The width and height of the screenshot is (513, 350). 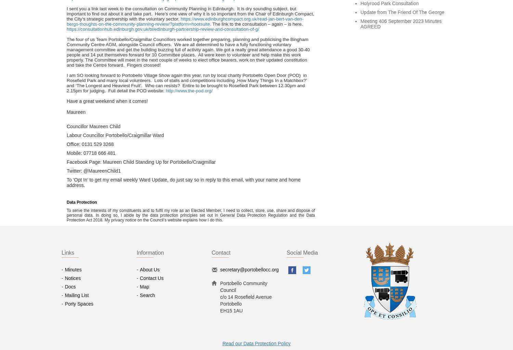 I want to click on 'Holyrood Park Consultation', so click(x=360, y=3).